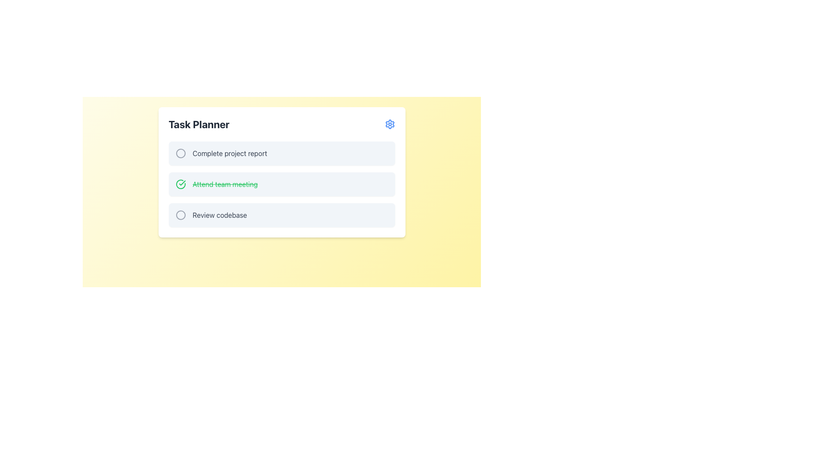  Describe the element at coordinates (180, 153) in the screenshot. I see `the unchecked task icon represented by the circular part of the SVG located to the left of the 'Complete project report' task text` at that location.